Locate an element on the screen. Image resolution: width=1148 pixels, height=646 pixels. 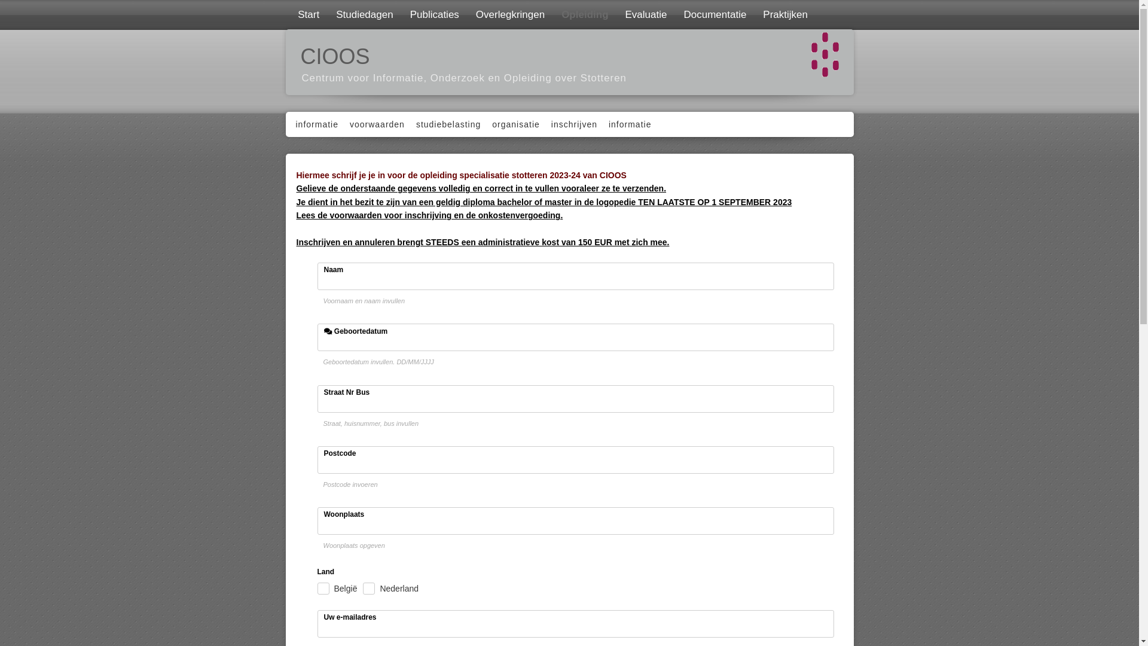
'organisatie' is located at coordinates (514, 124).